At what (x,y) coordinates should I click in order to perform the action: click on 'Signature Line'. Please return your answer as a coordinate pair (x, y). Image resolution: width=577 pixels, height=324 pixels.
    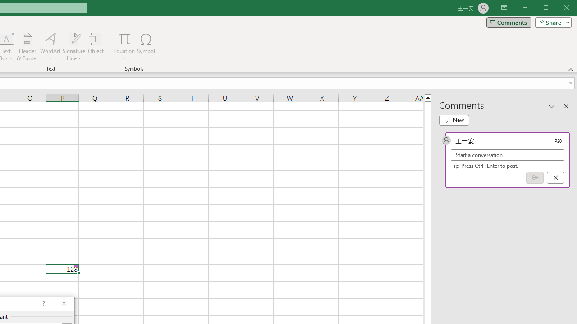
    Looking at the image, I should click on (74, 47).